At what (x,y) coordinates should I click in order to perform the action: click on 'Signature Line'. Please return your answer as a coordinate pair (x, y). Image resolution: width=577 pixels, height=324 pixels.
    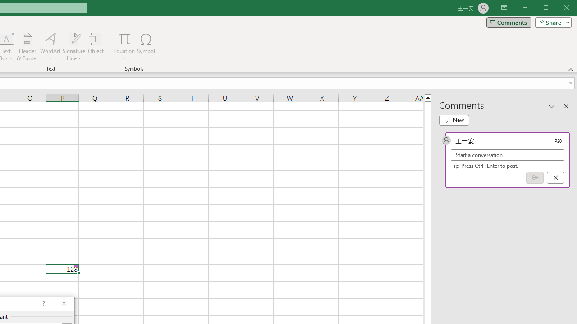
    Looking at the image, I should click on (74, 47).